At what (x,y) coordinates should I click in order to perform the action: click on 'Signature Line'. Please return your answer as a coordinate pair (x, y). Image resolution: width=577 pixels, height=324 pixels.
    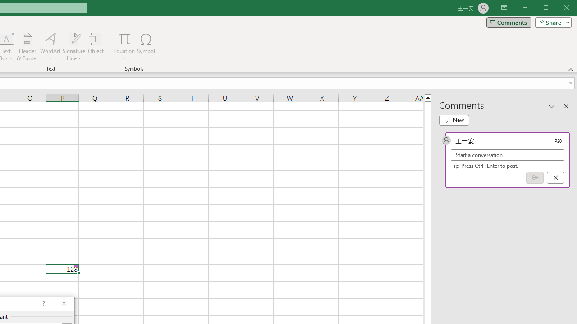
    Looking at the image, I should click on (74, 47).